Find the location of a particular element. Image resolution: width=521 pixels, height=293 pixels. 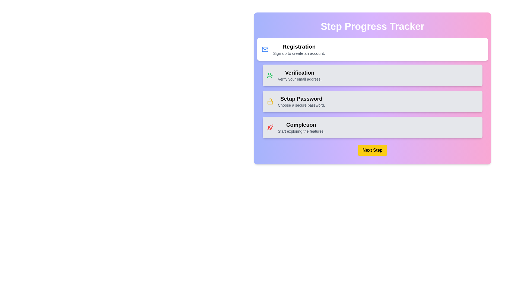

the Text block that serves as the heading and subheading of the 'Completion' step in the 'Step Progress Tracker' interface, located at the bottom of the list below the 'Setup Password' step is located at coordinates (301, 128).